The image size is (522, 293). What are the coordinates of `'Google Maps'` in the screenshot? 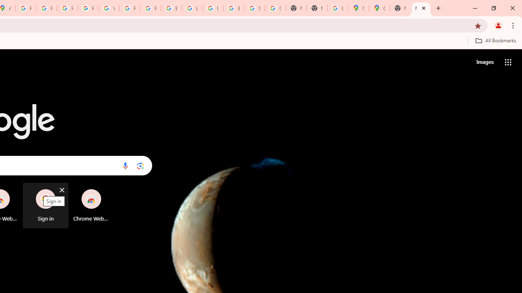 It's located at (379, 8).